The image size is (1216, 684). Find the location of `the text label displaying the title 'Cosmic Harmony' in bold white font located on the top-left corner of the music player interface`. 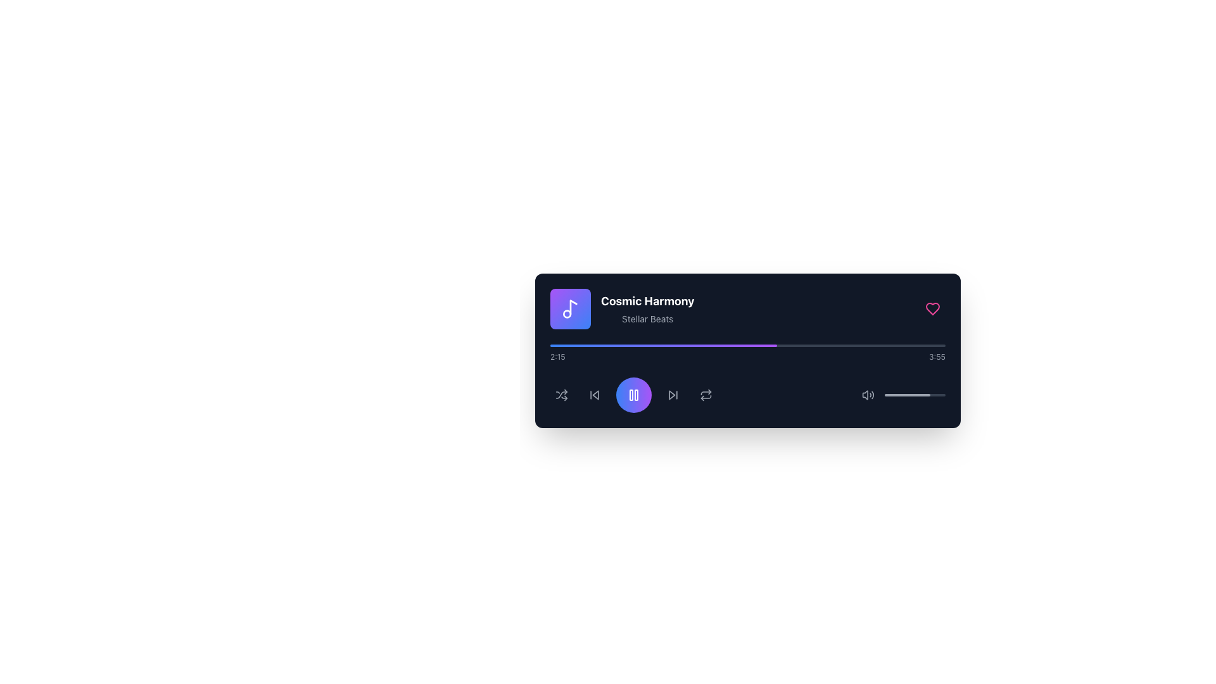

the text label displaying the title 'Cosmic Harmony' in bold white font located on the top-left corner of the music player interface is located at coordinates (647, 301).